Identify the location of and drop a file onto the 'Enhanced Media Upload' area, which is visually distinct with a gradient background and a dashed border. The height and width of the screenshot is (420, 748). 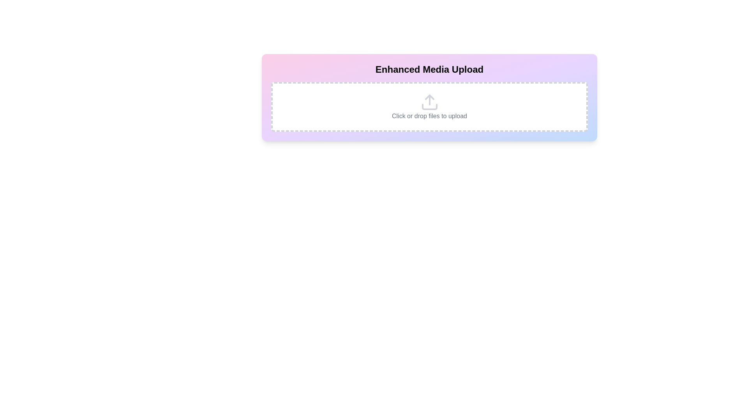
(429, 97).